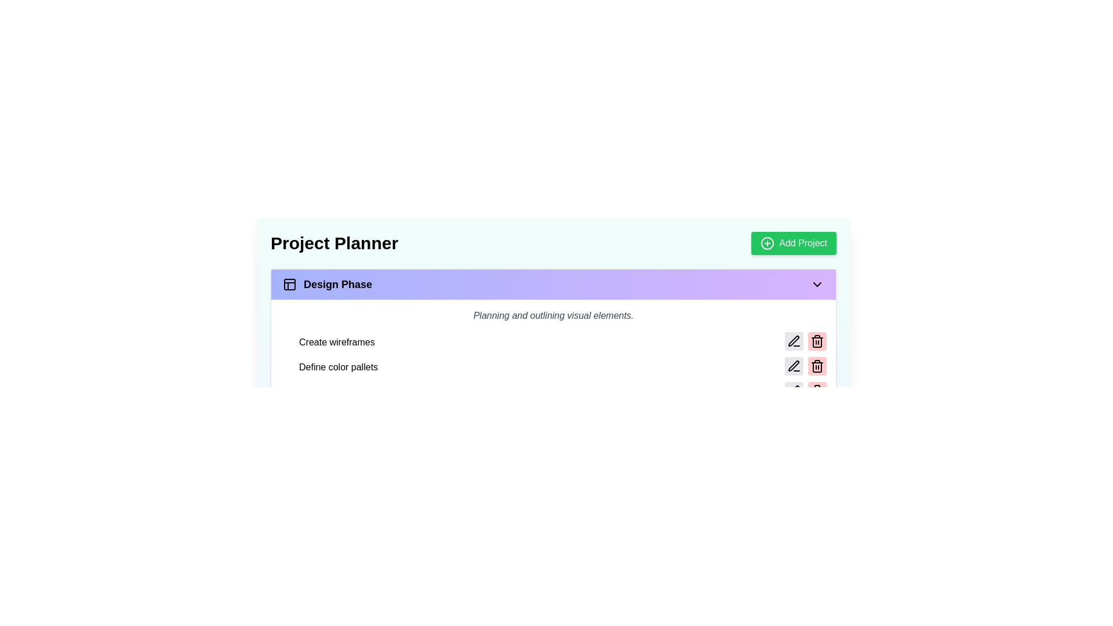 The height and width of the screenshot is (626, 1113). Describe the element at coordinates (793, 366) in the screenshot. I see `the pen icon, which serves as an editing tool located in the right column of a table row, adjacent to similar icons` at that location.